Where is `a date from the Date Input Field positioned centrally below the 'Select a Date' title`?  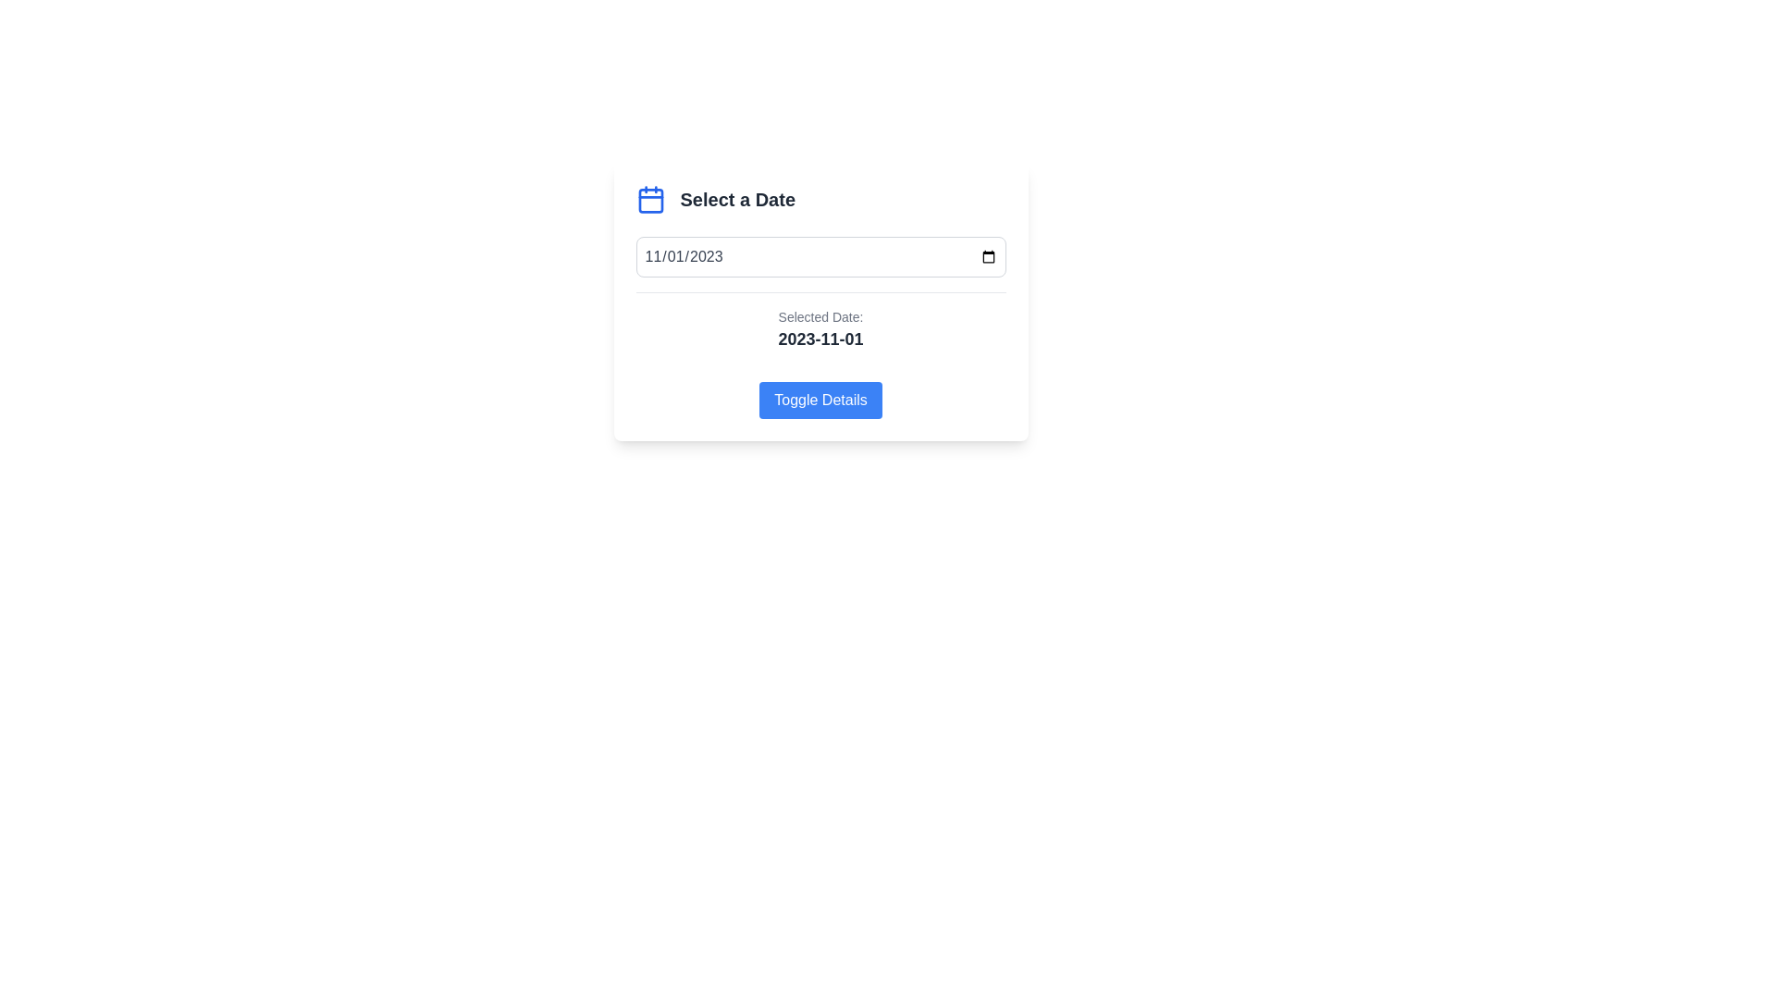 a date from the Date Input Field positioned centrally below the 'Select a Date' title is located at coordinates (820, 256).